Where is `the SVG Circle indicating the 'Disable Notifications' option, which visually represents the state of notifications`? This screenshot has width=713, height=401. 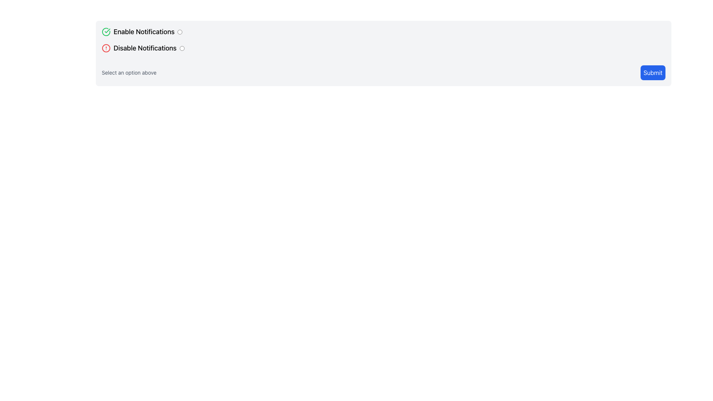
the SVG Circle indicating the 'Disable Notifications' option, which visually represents the state of notifications is located at coordinates (106, 48).